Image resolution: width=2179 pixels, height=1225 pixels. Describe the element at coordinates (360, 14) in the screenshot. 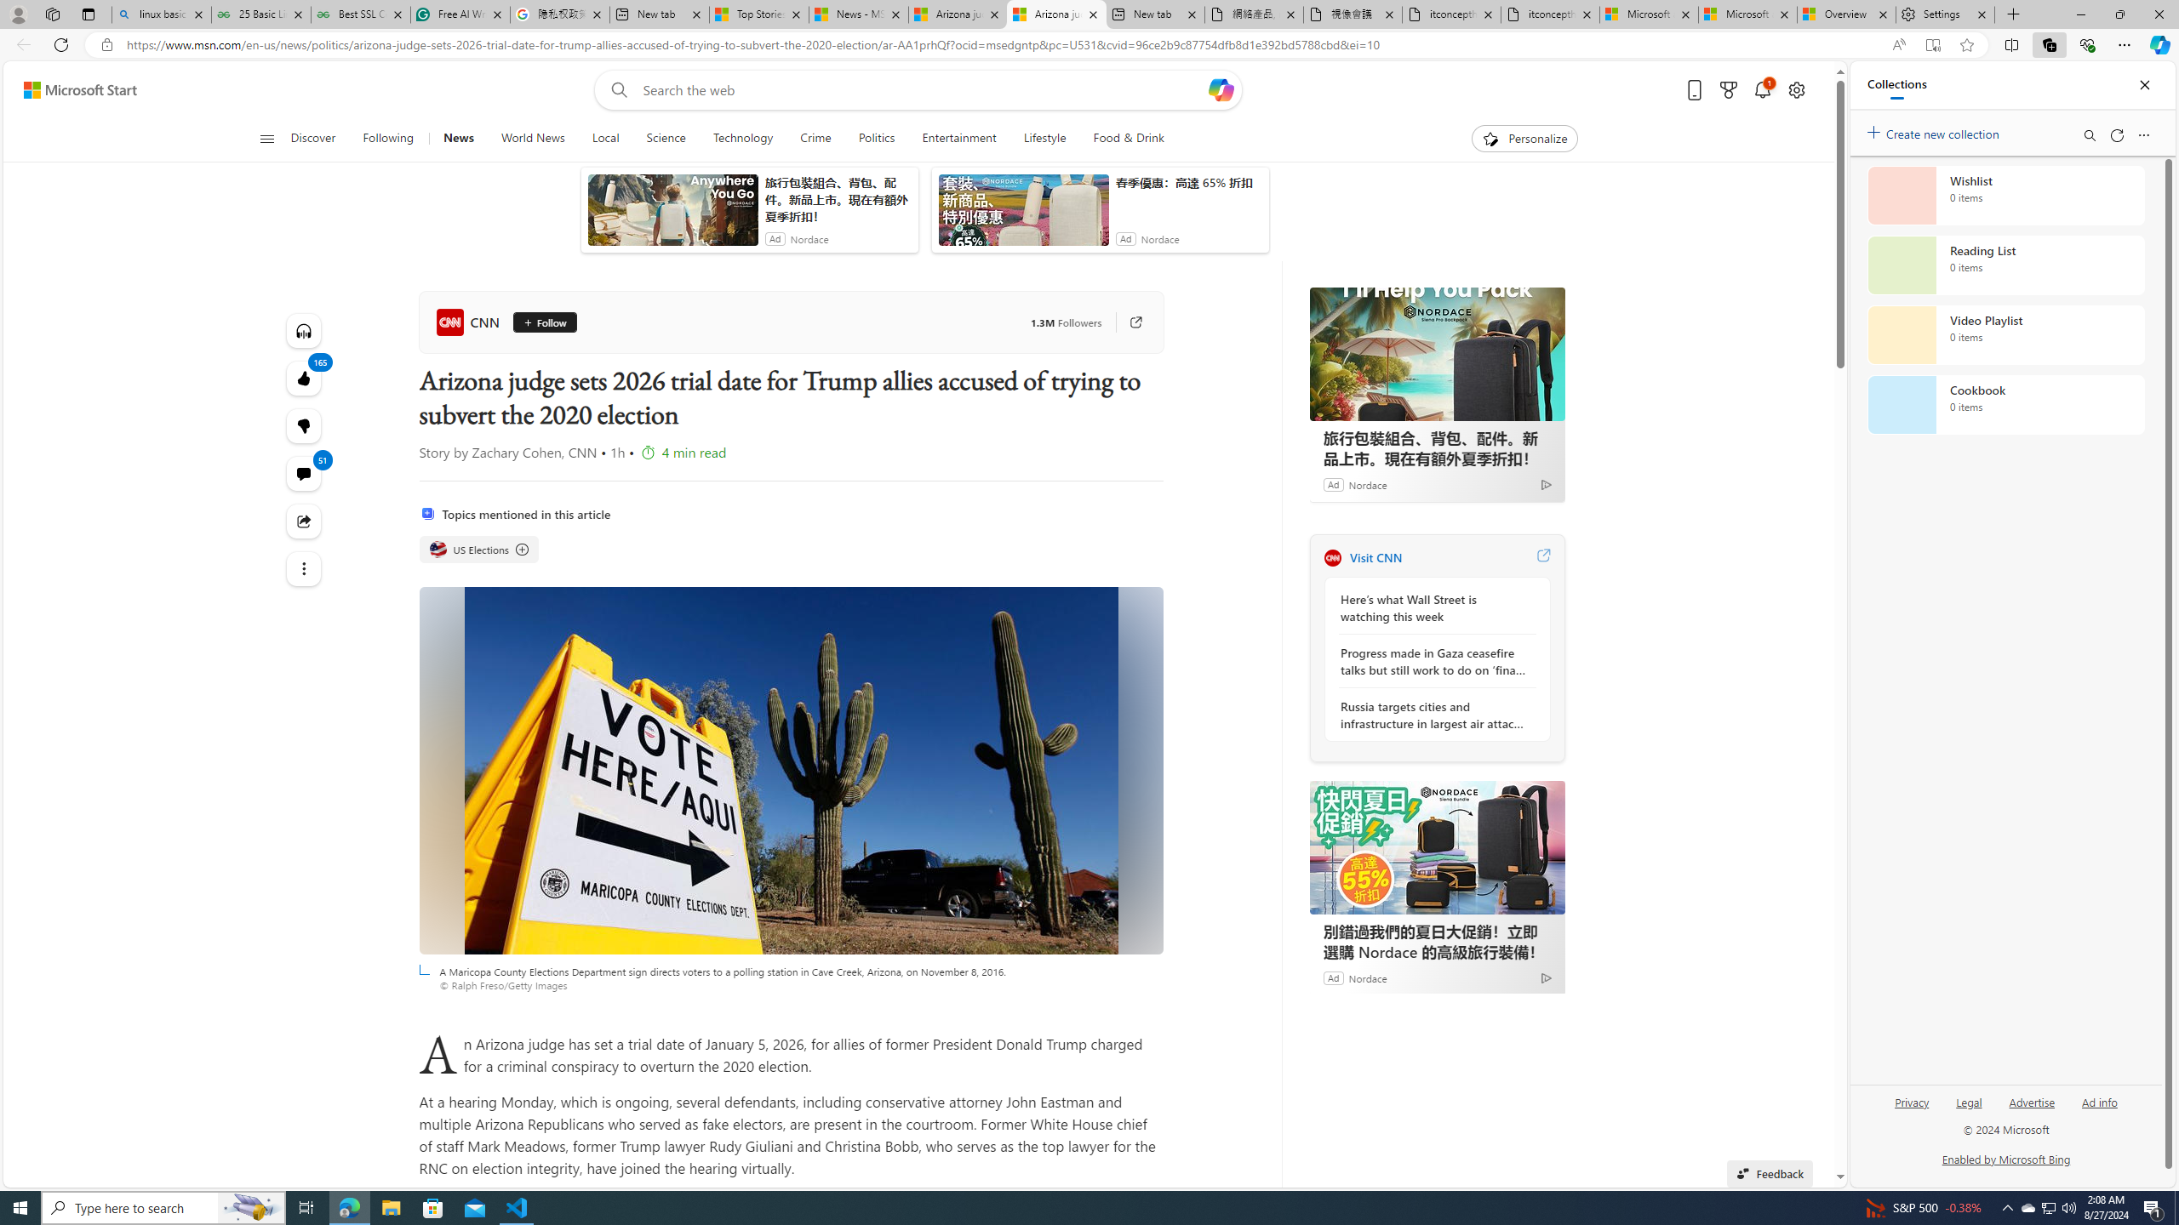

I see `'Best SSL Certificates Provider in India - GeeksforGeeks'` at that location.